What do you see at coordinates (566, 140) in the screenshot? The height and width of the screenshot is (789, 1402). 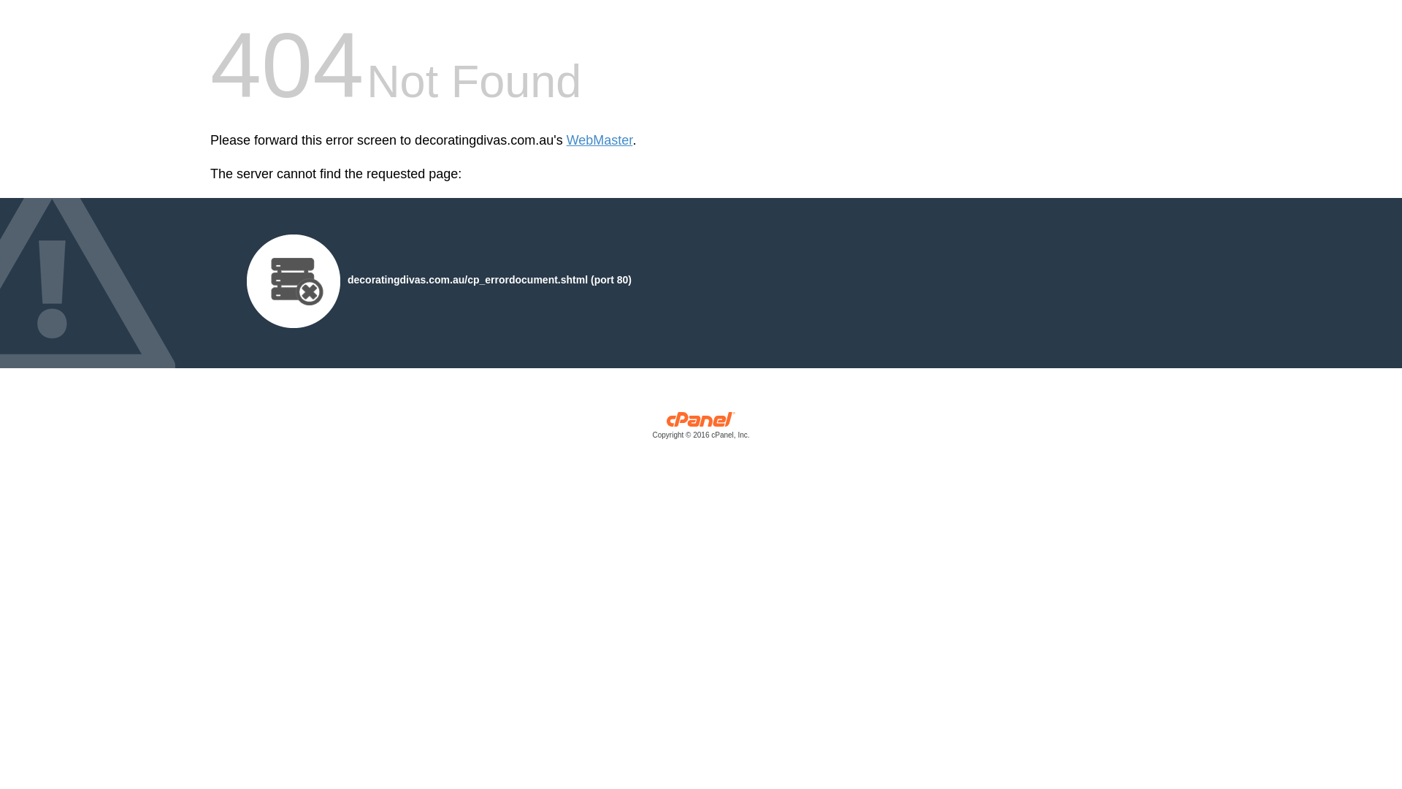 I see `'WebMaster'` at bounding box center [566, 140].